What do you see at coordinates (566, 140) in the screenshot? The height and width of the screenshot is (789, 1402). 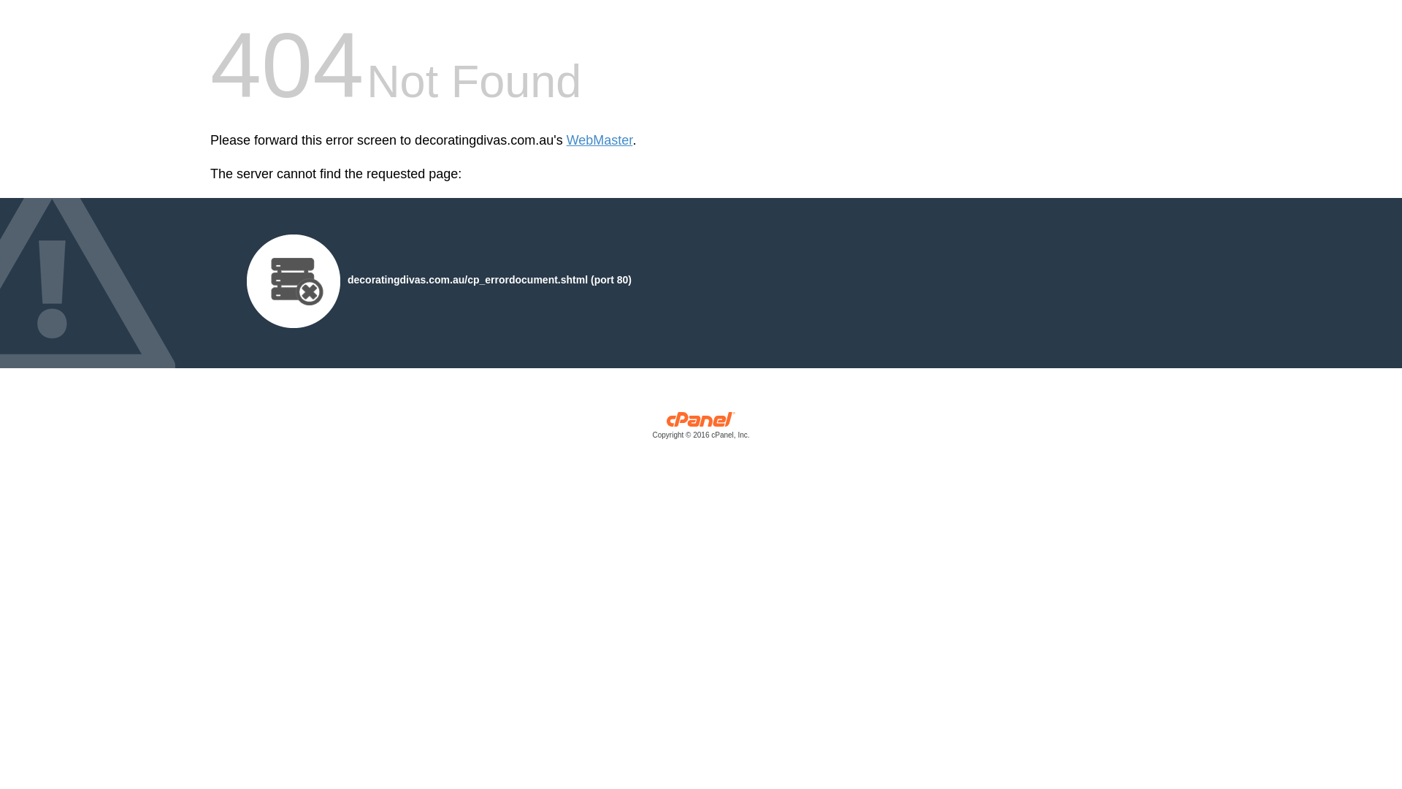 I see `'WebMaster'` at bounding box center [566, 140].